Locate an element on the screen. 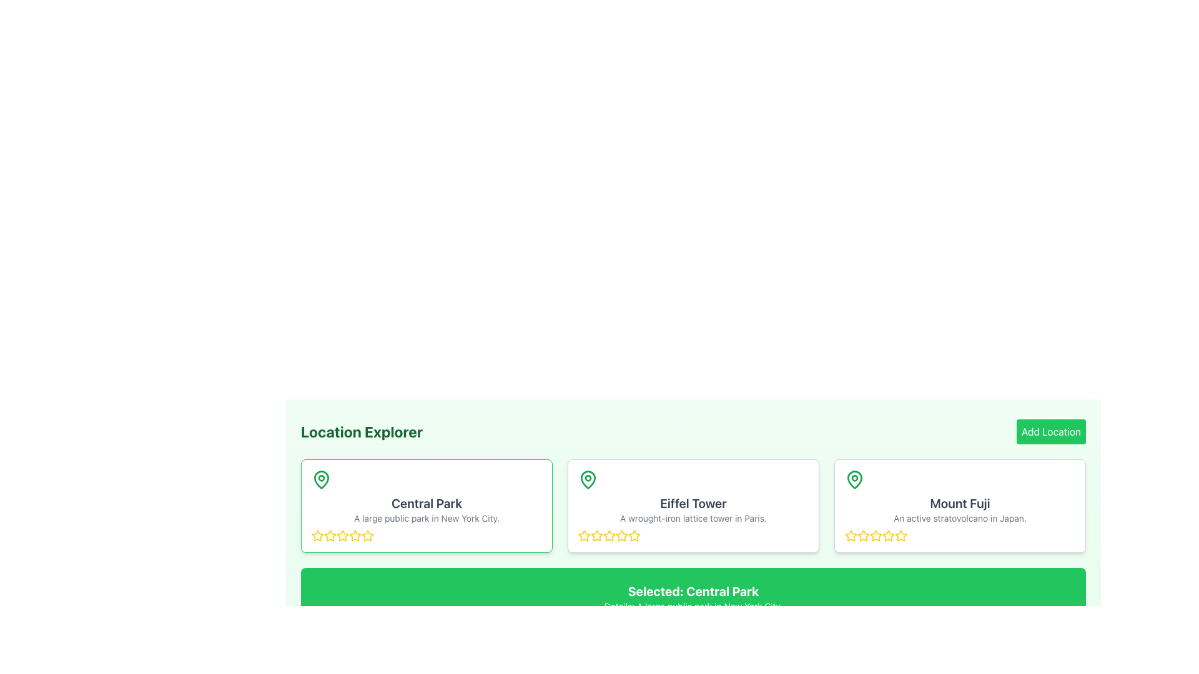 Image resolution: width=1199 pixels, height=674 pixels. text of the 'Central Park' label located in the center of the first card under the 'Location Explorer' section is located at coordinates (427, 502).